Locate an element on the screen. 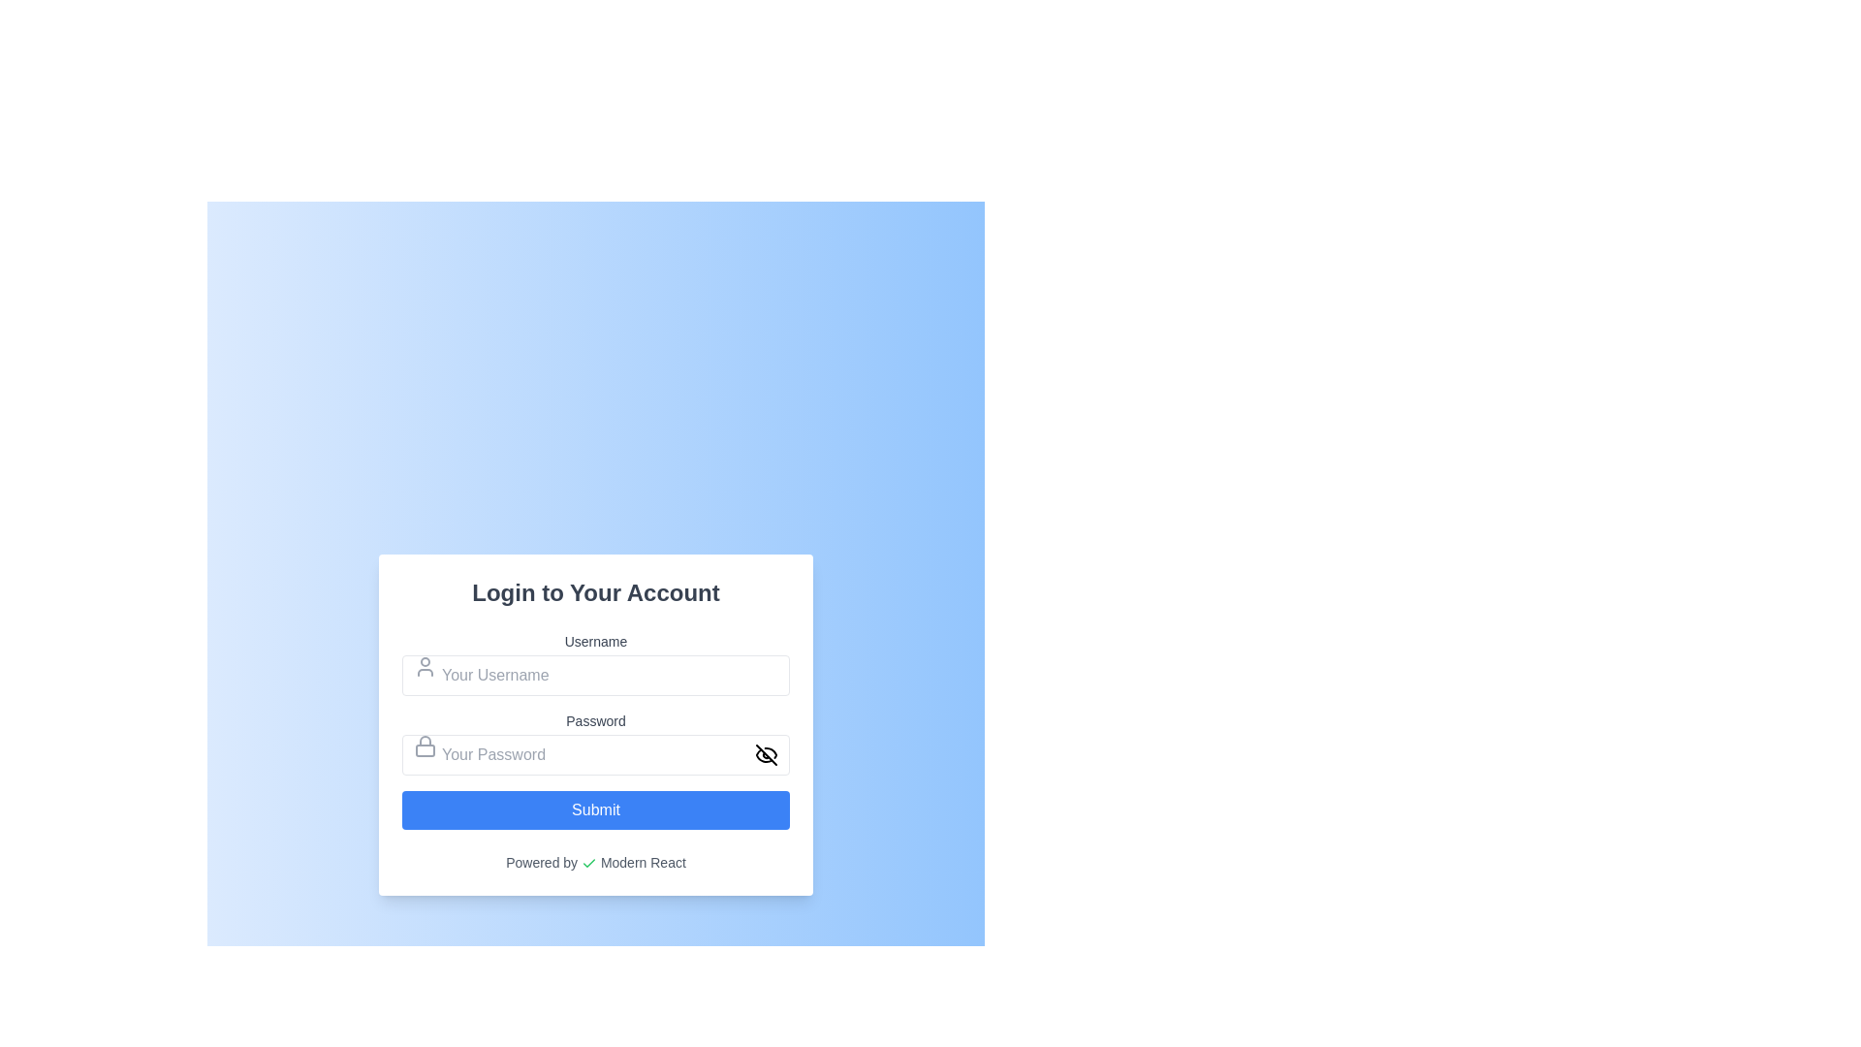  the eye icon within the password input field is located at coordinates (766, 754).